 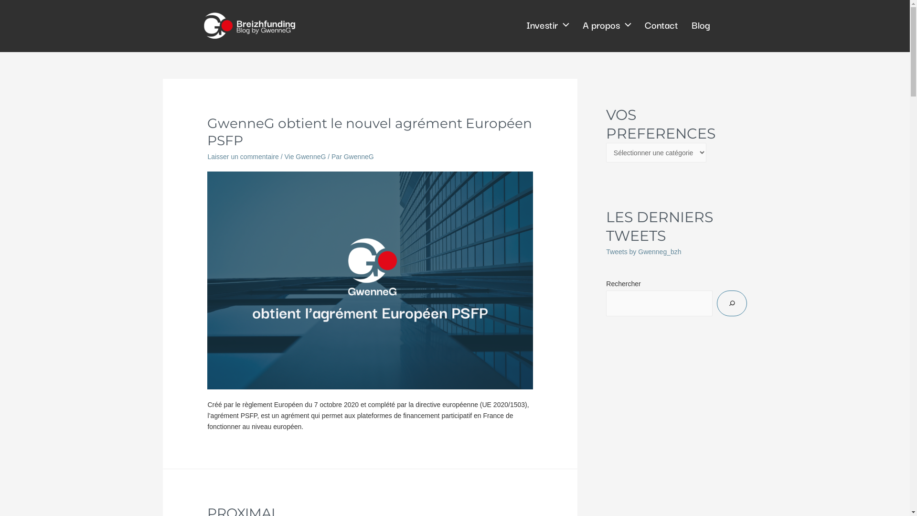 I want to click on 'Investir', so click(x=543, y=24).